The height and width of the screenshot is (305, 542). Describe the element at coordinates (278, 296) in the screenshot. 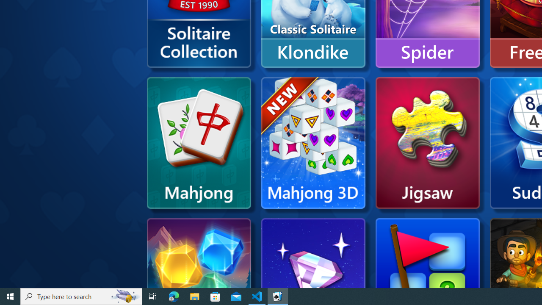

I see `'Solitaire & Casual Games - 1 running window'` at that location.